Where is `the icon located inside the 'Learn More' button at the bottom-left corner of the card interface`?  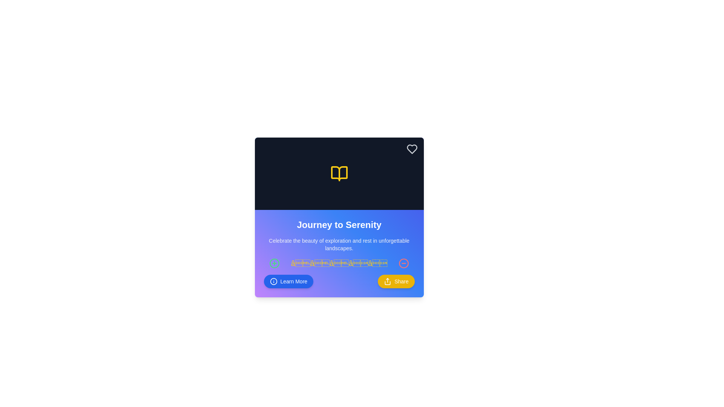 the icon located inside the 'Learn More' button at the bottom-left corner of the card interface is located at coordinates (273, 282).